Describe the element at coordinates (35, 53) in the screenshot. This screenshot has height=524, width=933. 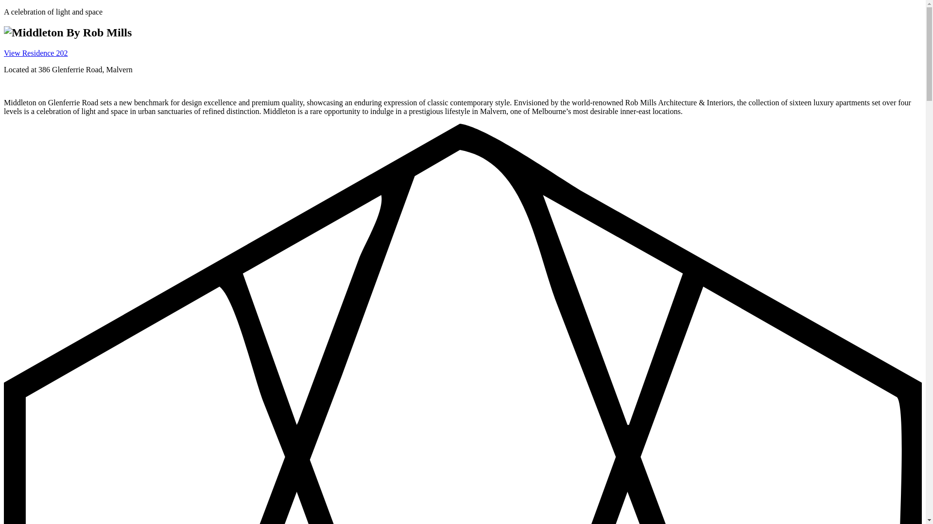
I see `'View Residence 202'` at that location.